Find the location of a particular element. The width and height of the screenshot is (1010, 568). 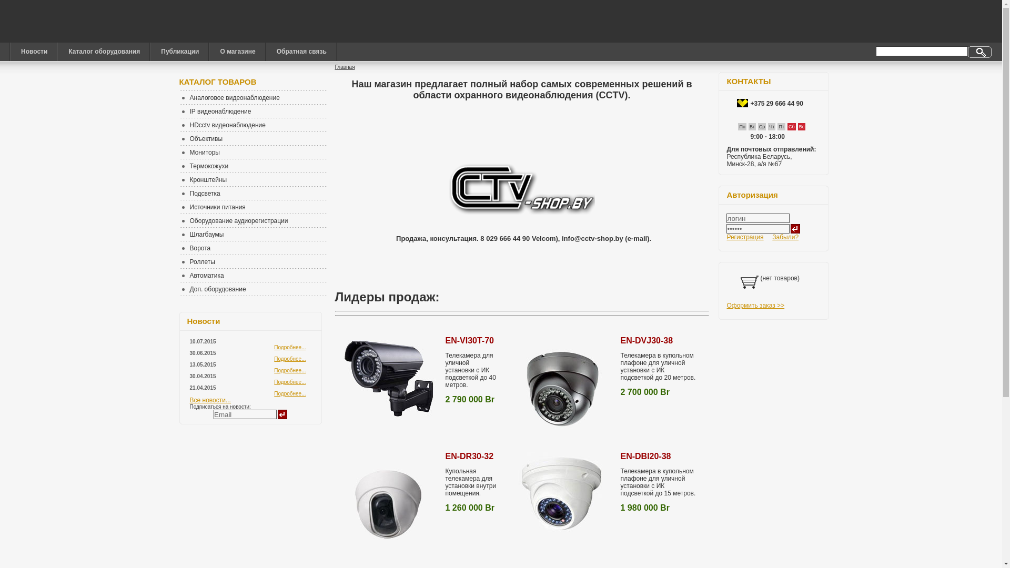

'EN-DR30-32' is located at coordinates (469, 455).